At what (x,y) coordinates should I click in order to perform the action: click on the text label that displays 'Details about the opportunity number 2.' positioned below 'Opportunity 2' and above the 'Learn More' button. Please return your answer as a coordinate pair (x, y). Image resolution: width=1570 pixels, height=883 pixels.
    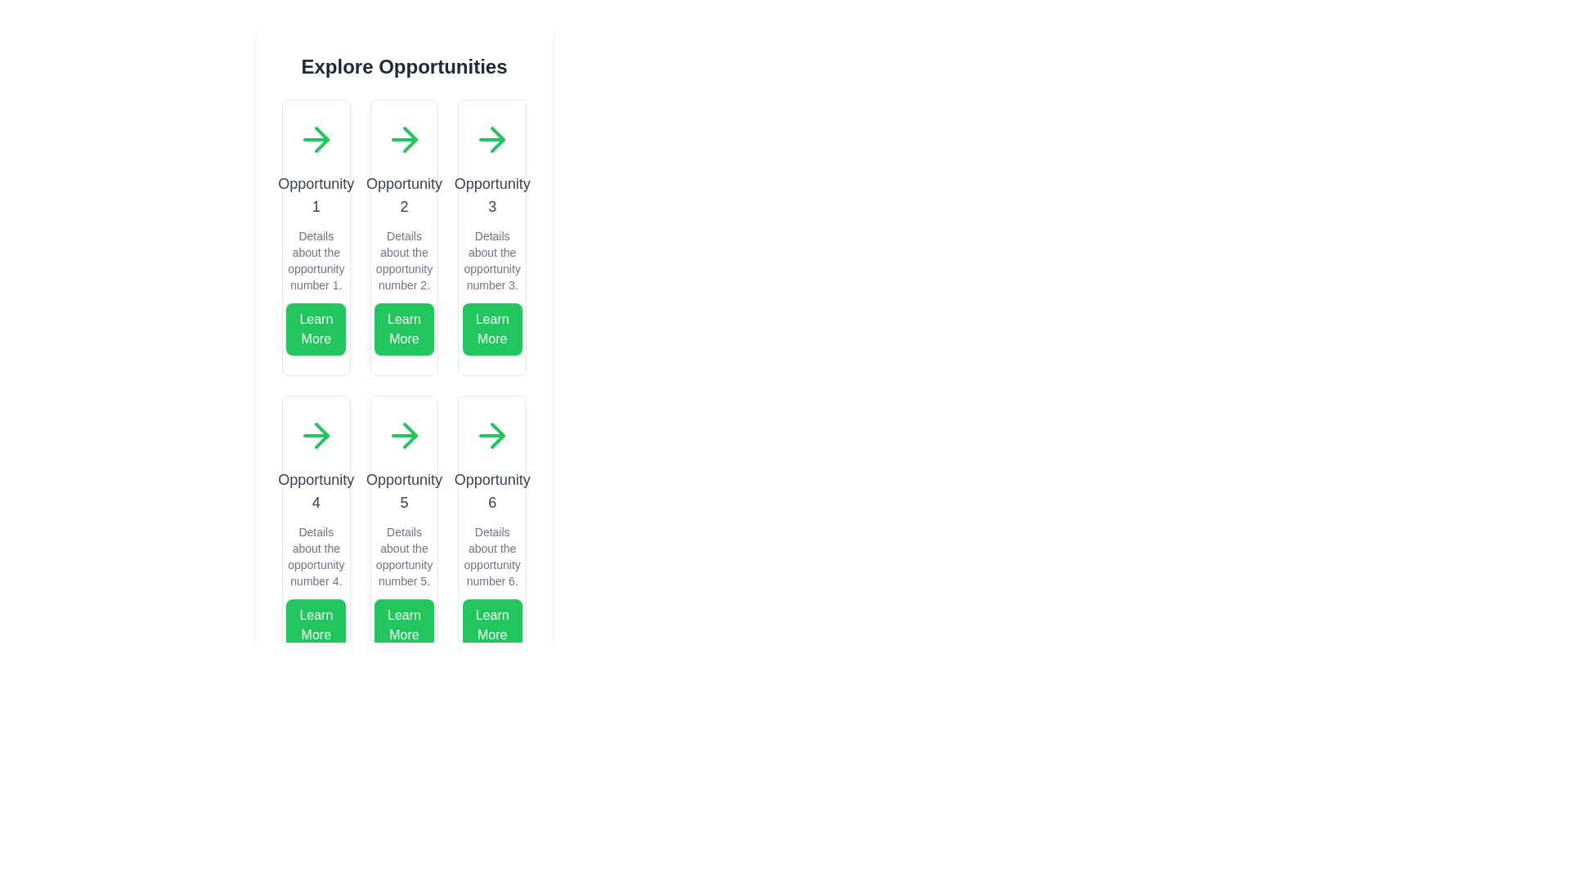
    Looking at the image, I should click on (404, 260).